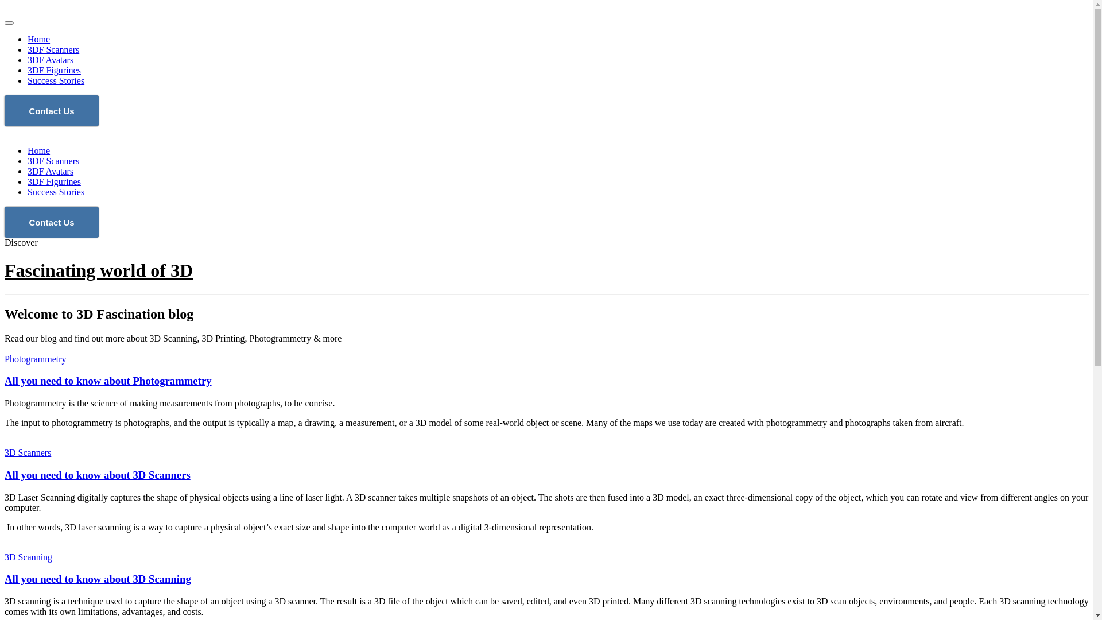 This screenshot has height=620, width=1102. I want to click on 'Contact Us', so click(5, 110).